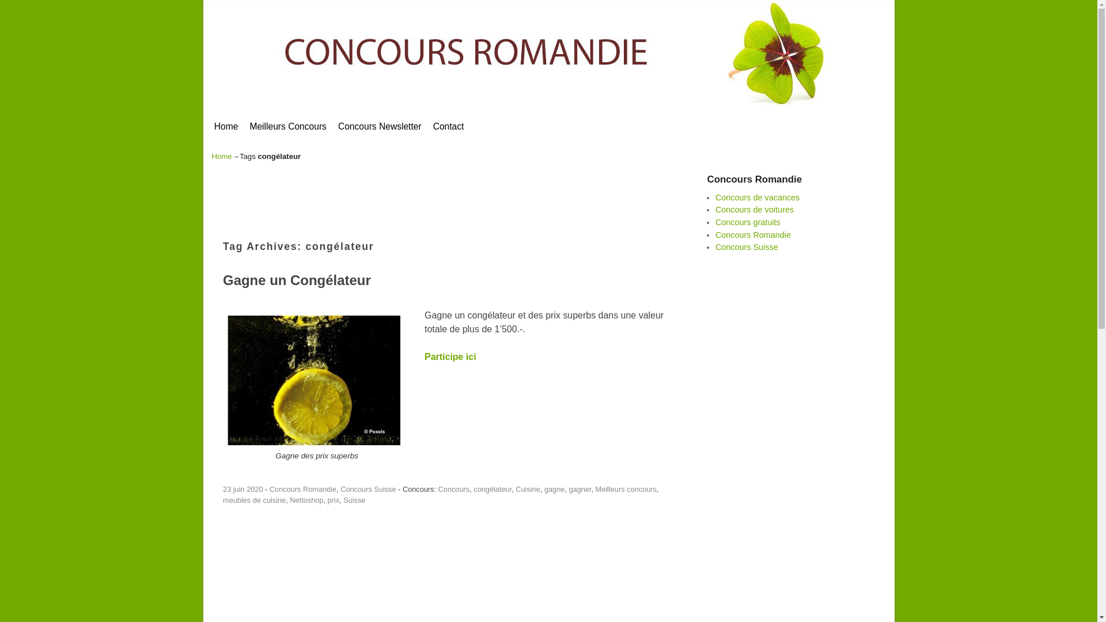 The image size is (1106, 622). What do you see at coordinates (380, 126) in the screenshot?
I see `'Concours Newsletter'` at bounding box center [380, 126].